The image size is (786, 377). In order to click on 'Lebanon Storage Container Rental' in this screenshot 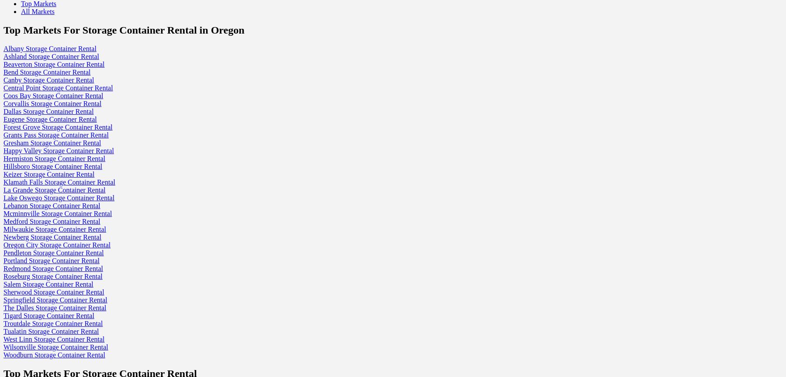, I will do `click(52, 205)`.